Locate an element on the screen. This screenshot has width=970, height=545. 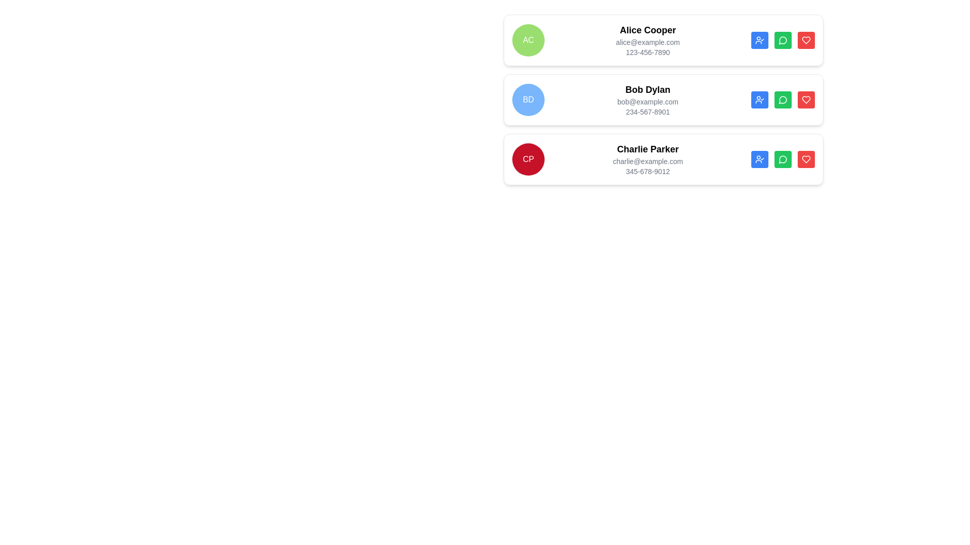
the second button in the contact card for 'Charlie Parker' is located at coordinates (783, 159).